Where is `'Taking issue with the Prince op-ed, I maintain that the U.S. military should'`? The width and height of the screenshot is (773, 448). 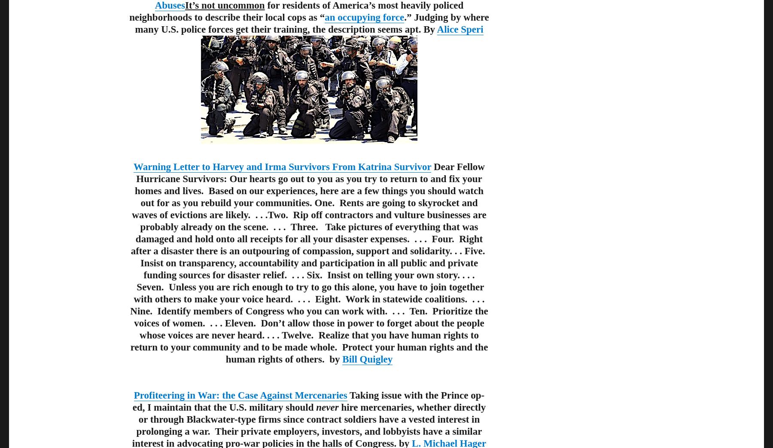
'Taking issue with the Prince op-ed, I maintain that the U.S. military should' is located at coordinates (308, 401).